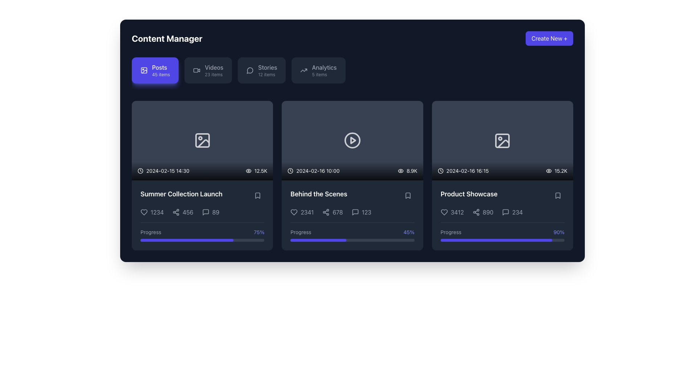 This screenshot has height=392, width=697. What do you see at coordinates (502, 140) in the screenshot?
I see `the minimalistic picture icon depicting a mountain and a rounded sun or moon, located centrally in the upper area of the third card from the left` at bounding box center [502, 140].